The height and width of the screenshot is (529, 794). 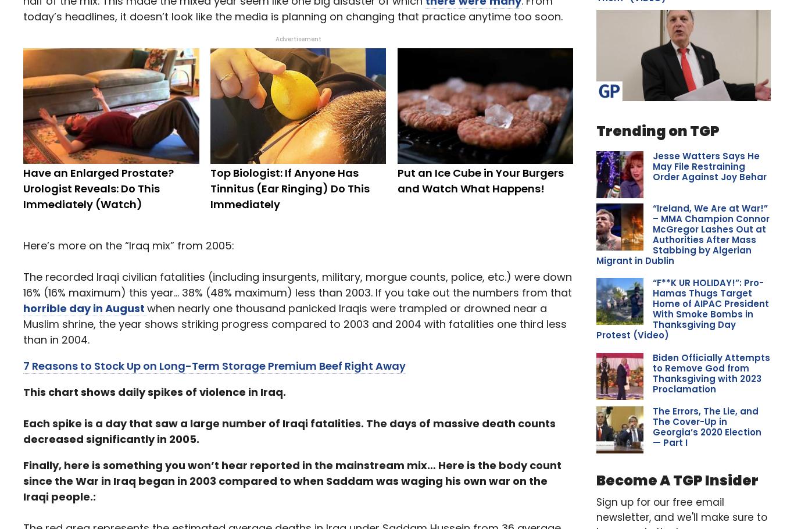 What do you see at coordinates (703, 217) in the screenshot?
I see `'Hollywood Star Jamie Foxx Accused of Sexual Assault in Encounter Fr...'` at bounding box center [703, 217].